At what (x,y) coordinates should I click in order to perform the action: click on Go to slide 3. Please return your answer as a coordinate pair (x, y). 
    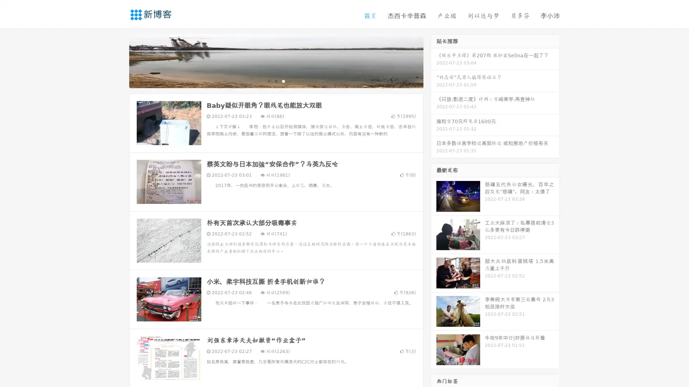
    Looking at the image, I should click on (283, 81).